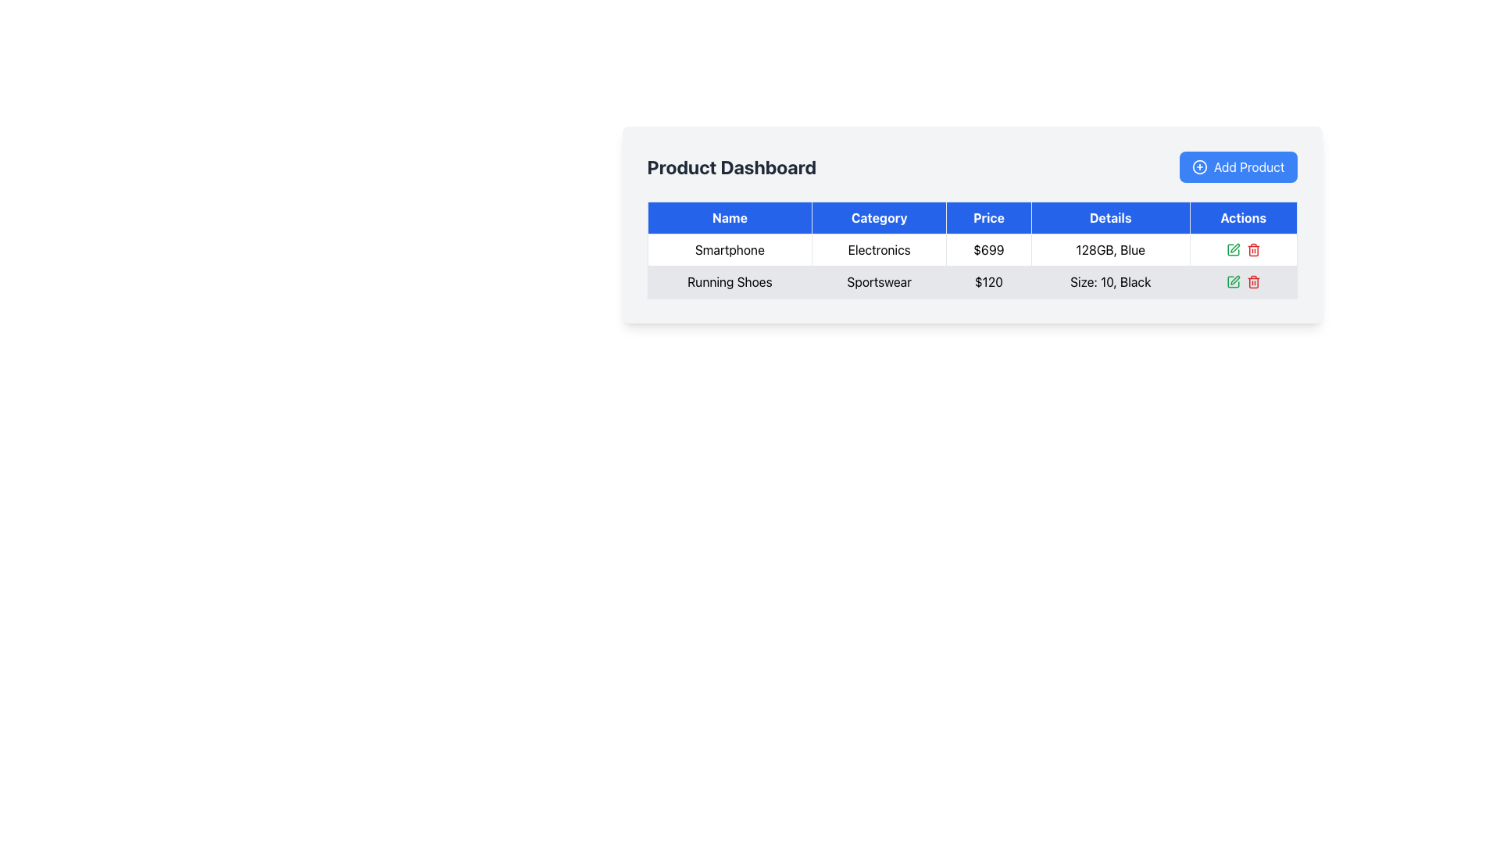 The image size is (1500, 844). I want to click on the vibrant red trash icon button located at the far right in the 'Actions' column of the row for 'Running Shoes', so click(1253, 282).